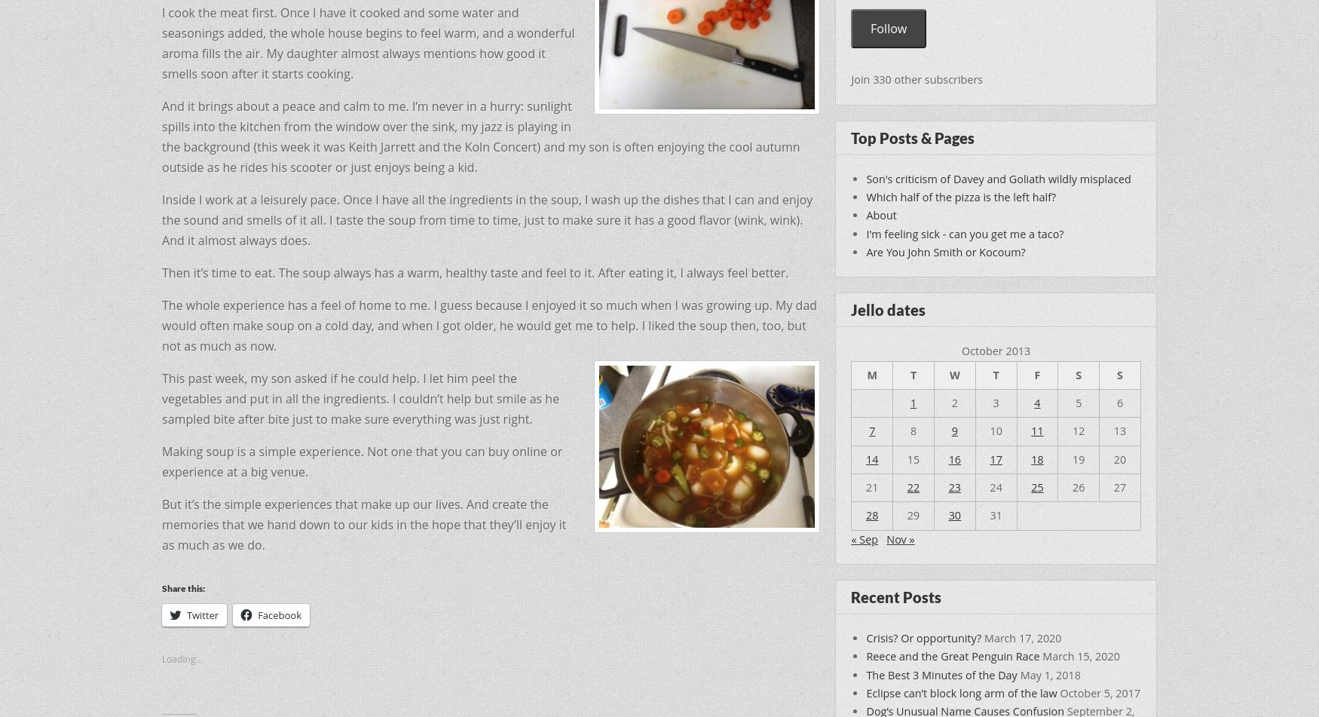 Image resolution: width=1319 pixels, height=717 pixels. What do you see at coordinates (953, 373) in the screenshot?
I see `'W'` at bounding box center [953, 373].